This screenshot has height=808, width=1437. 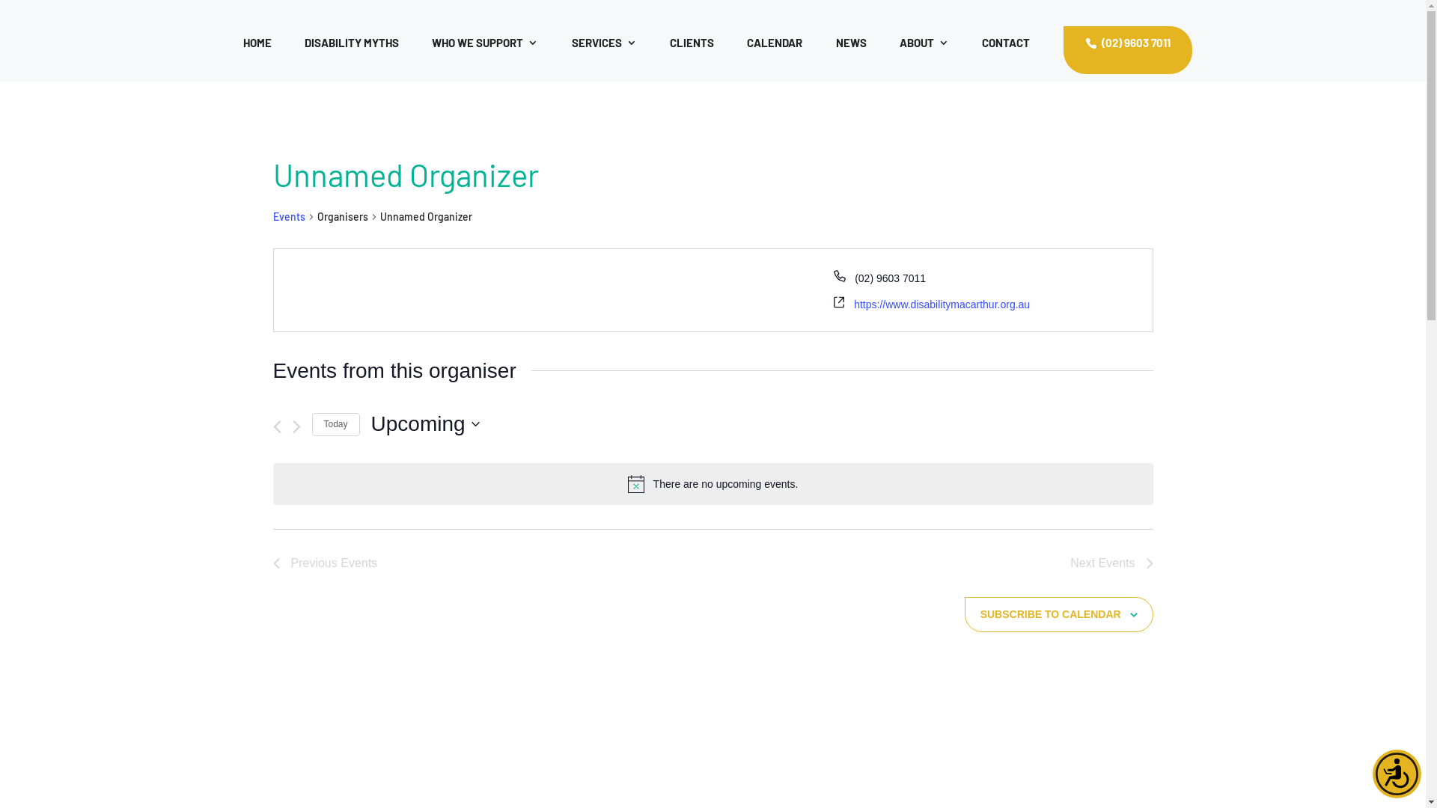 I want to click on 'Upcoming', so click(x=424, y=424).